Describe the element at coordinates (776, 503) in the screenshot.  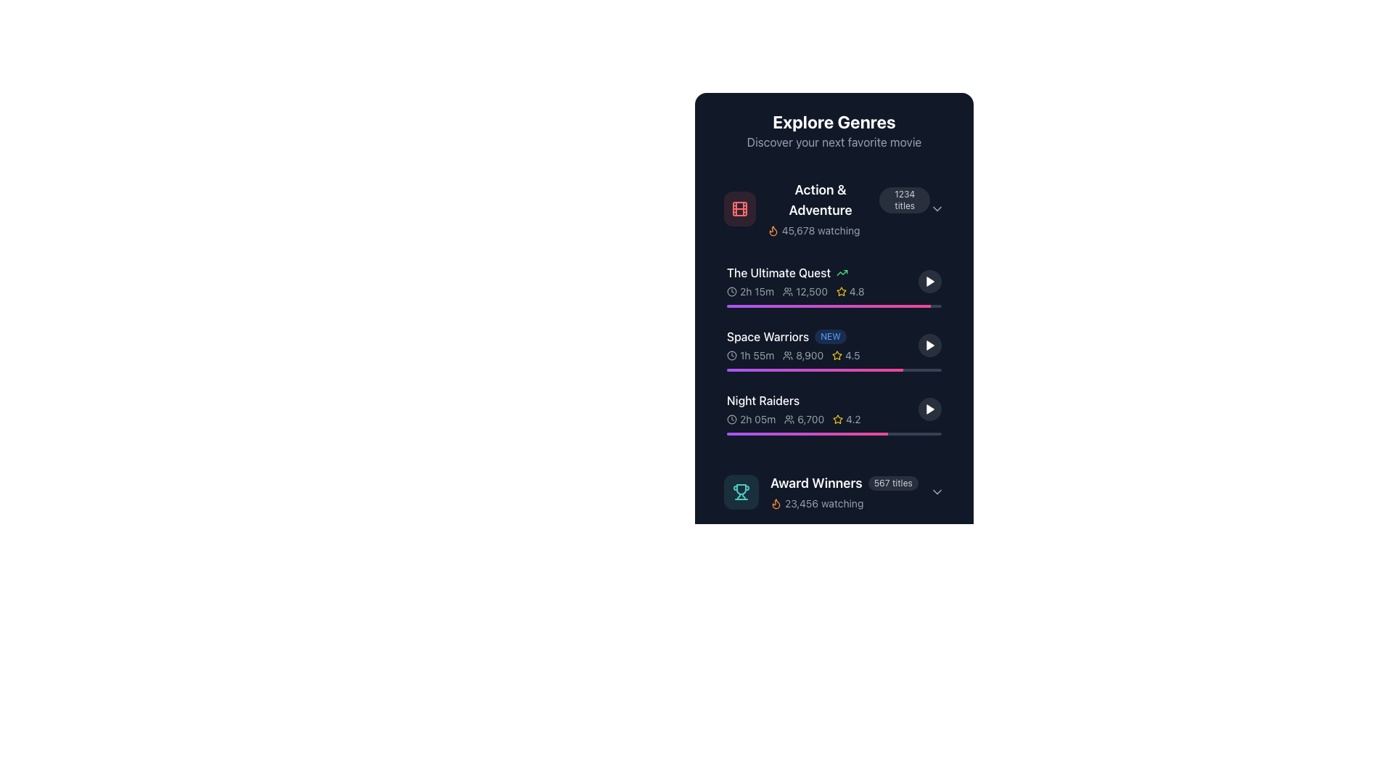
I see `the flame icon, which is the leftmost visual component next to the text '23,456 watching' in the 'Award Winners' section` at that location.